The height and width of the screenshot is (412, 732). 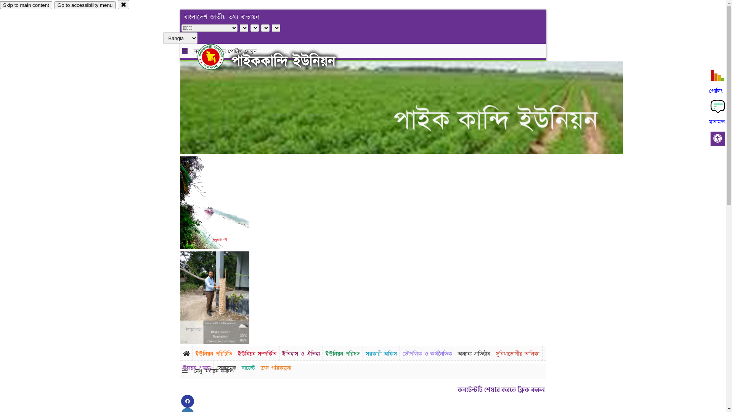 I want to click on 'close', so click(x=124, y=4).